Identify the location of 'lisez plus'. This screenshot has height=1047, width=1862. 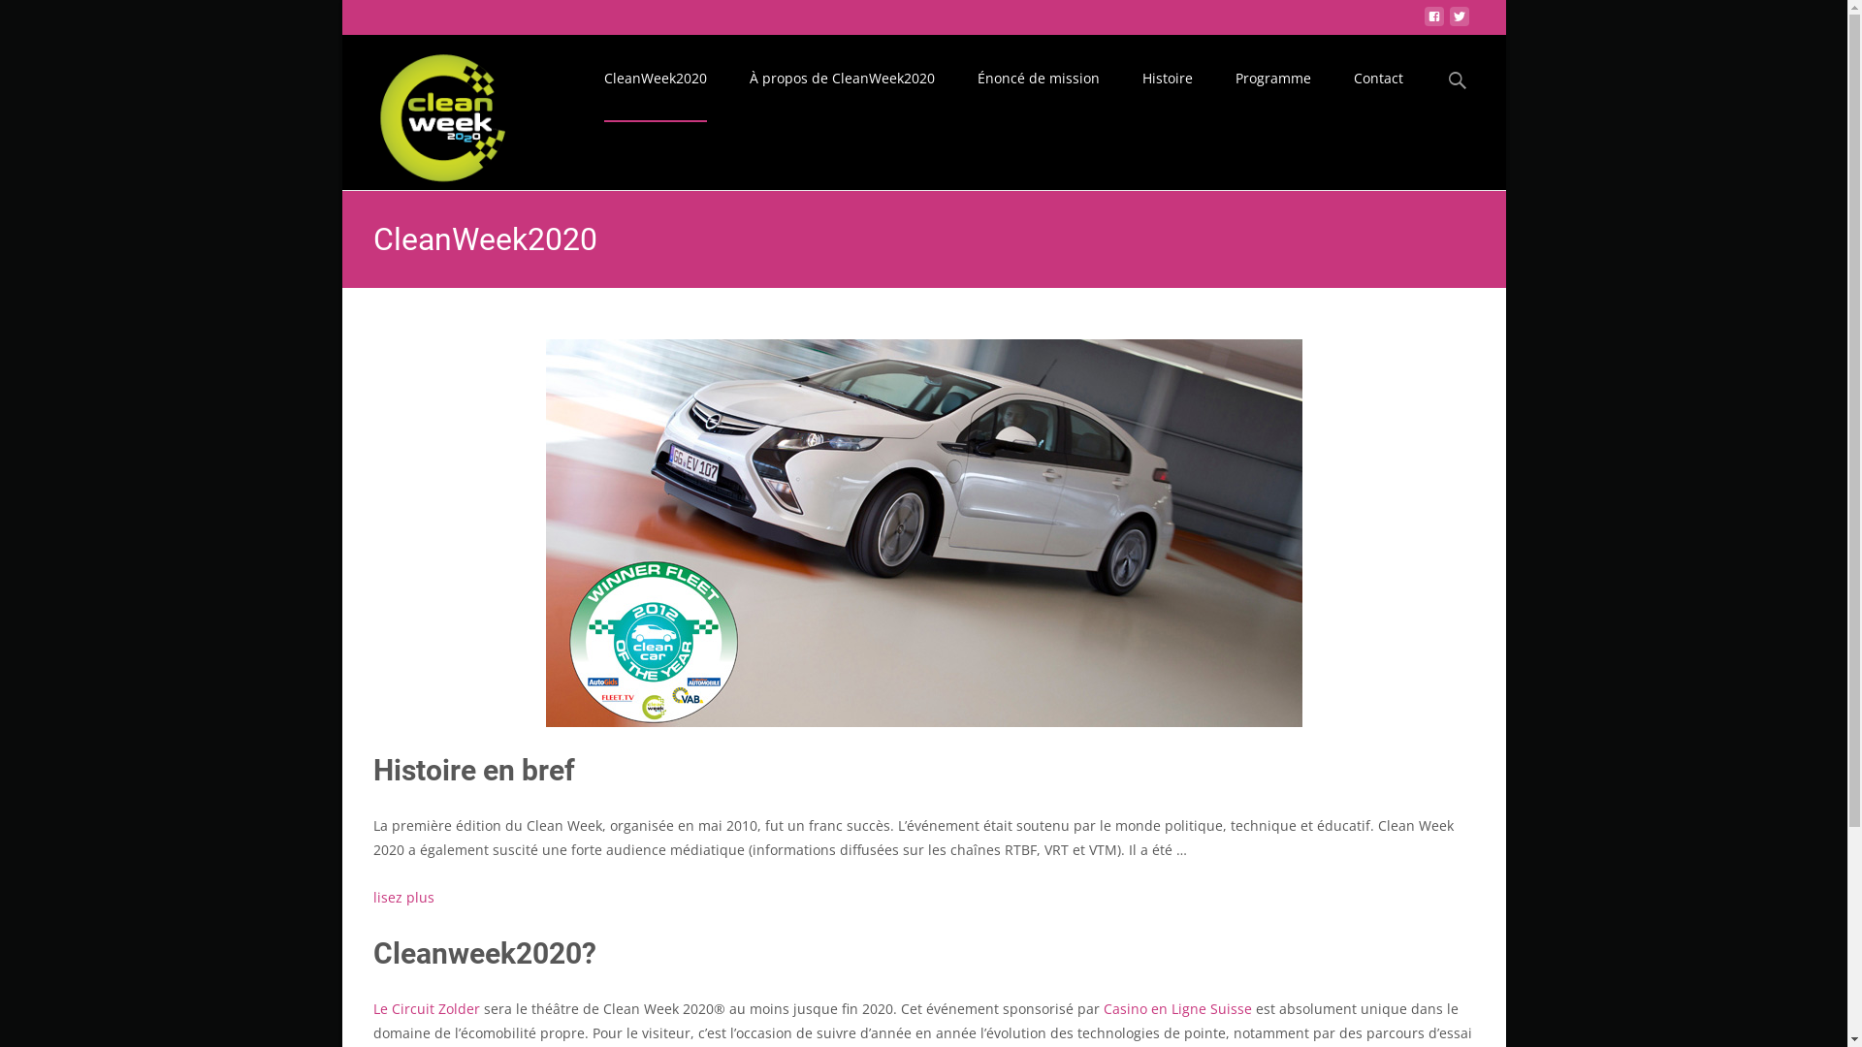
(401, 897).